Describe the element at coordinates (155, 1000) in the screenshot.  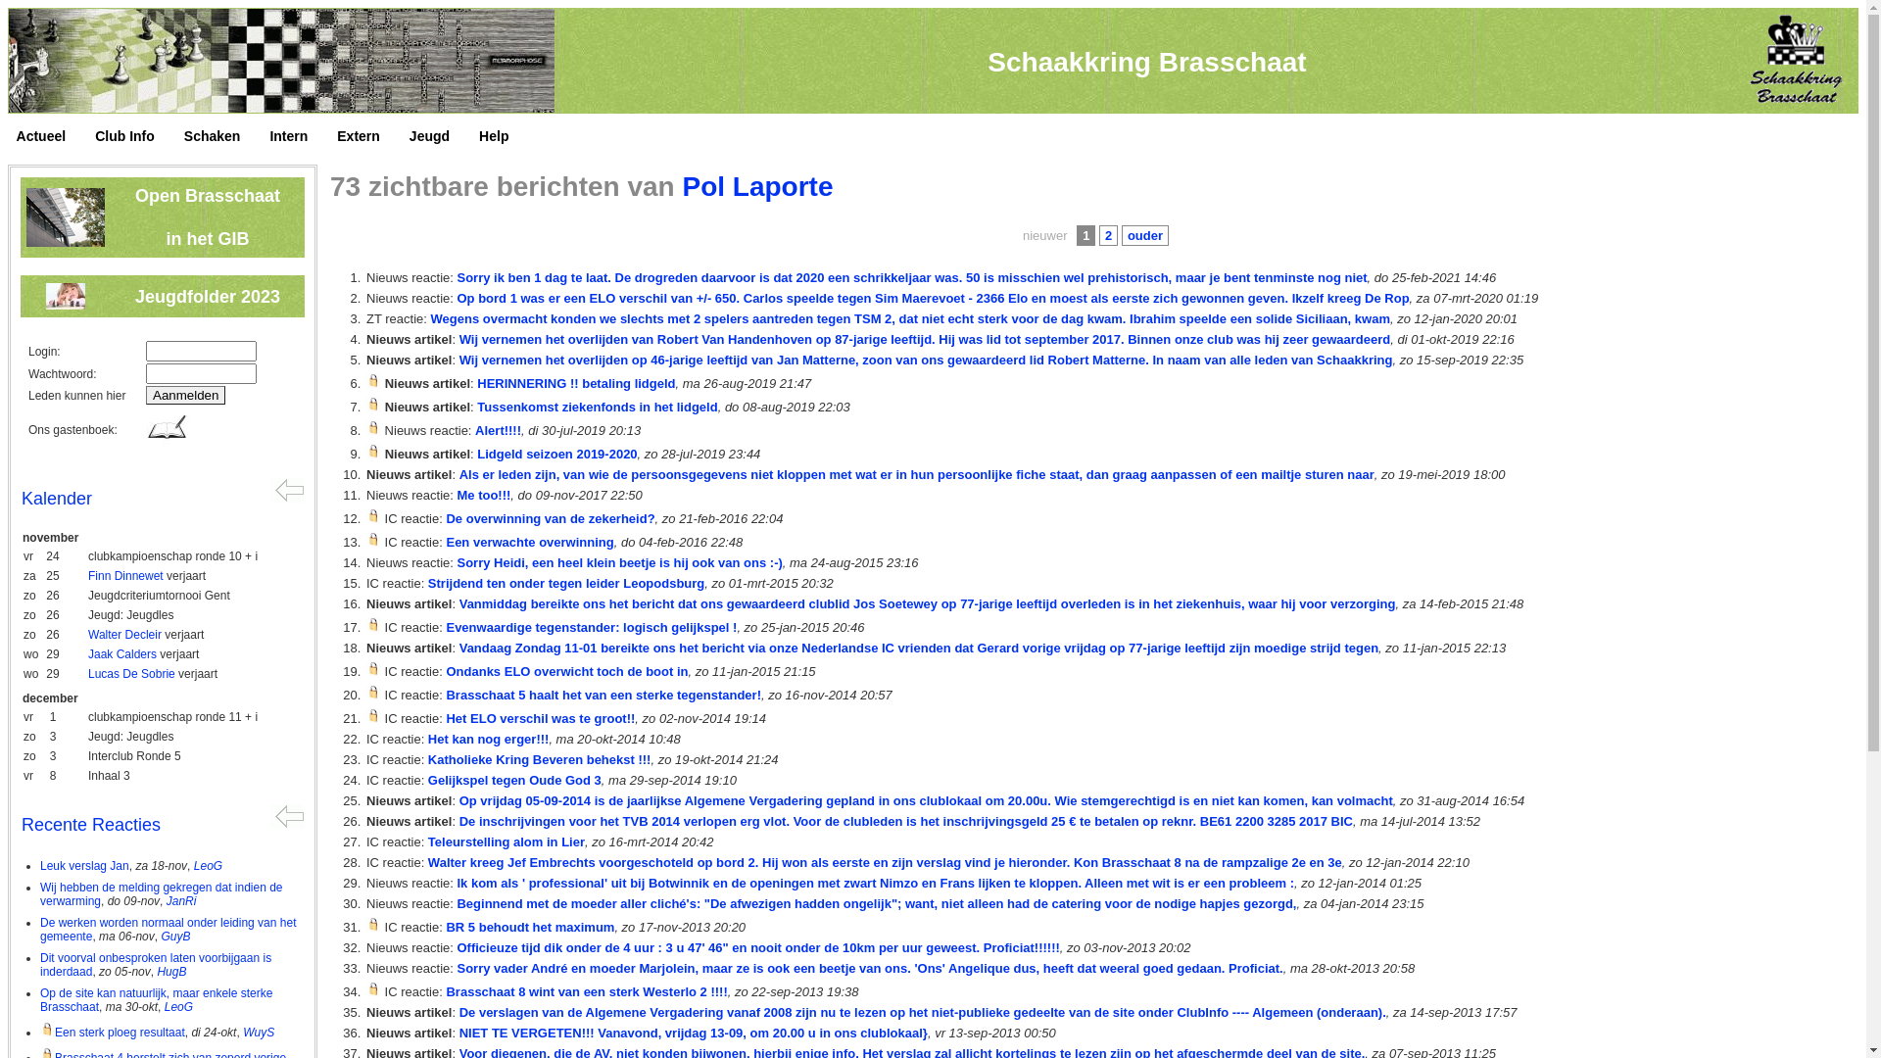
I see `'Op de site kan natuurlijk, maar enkele sterke Brasschaat'` at that location.